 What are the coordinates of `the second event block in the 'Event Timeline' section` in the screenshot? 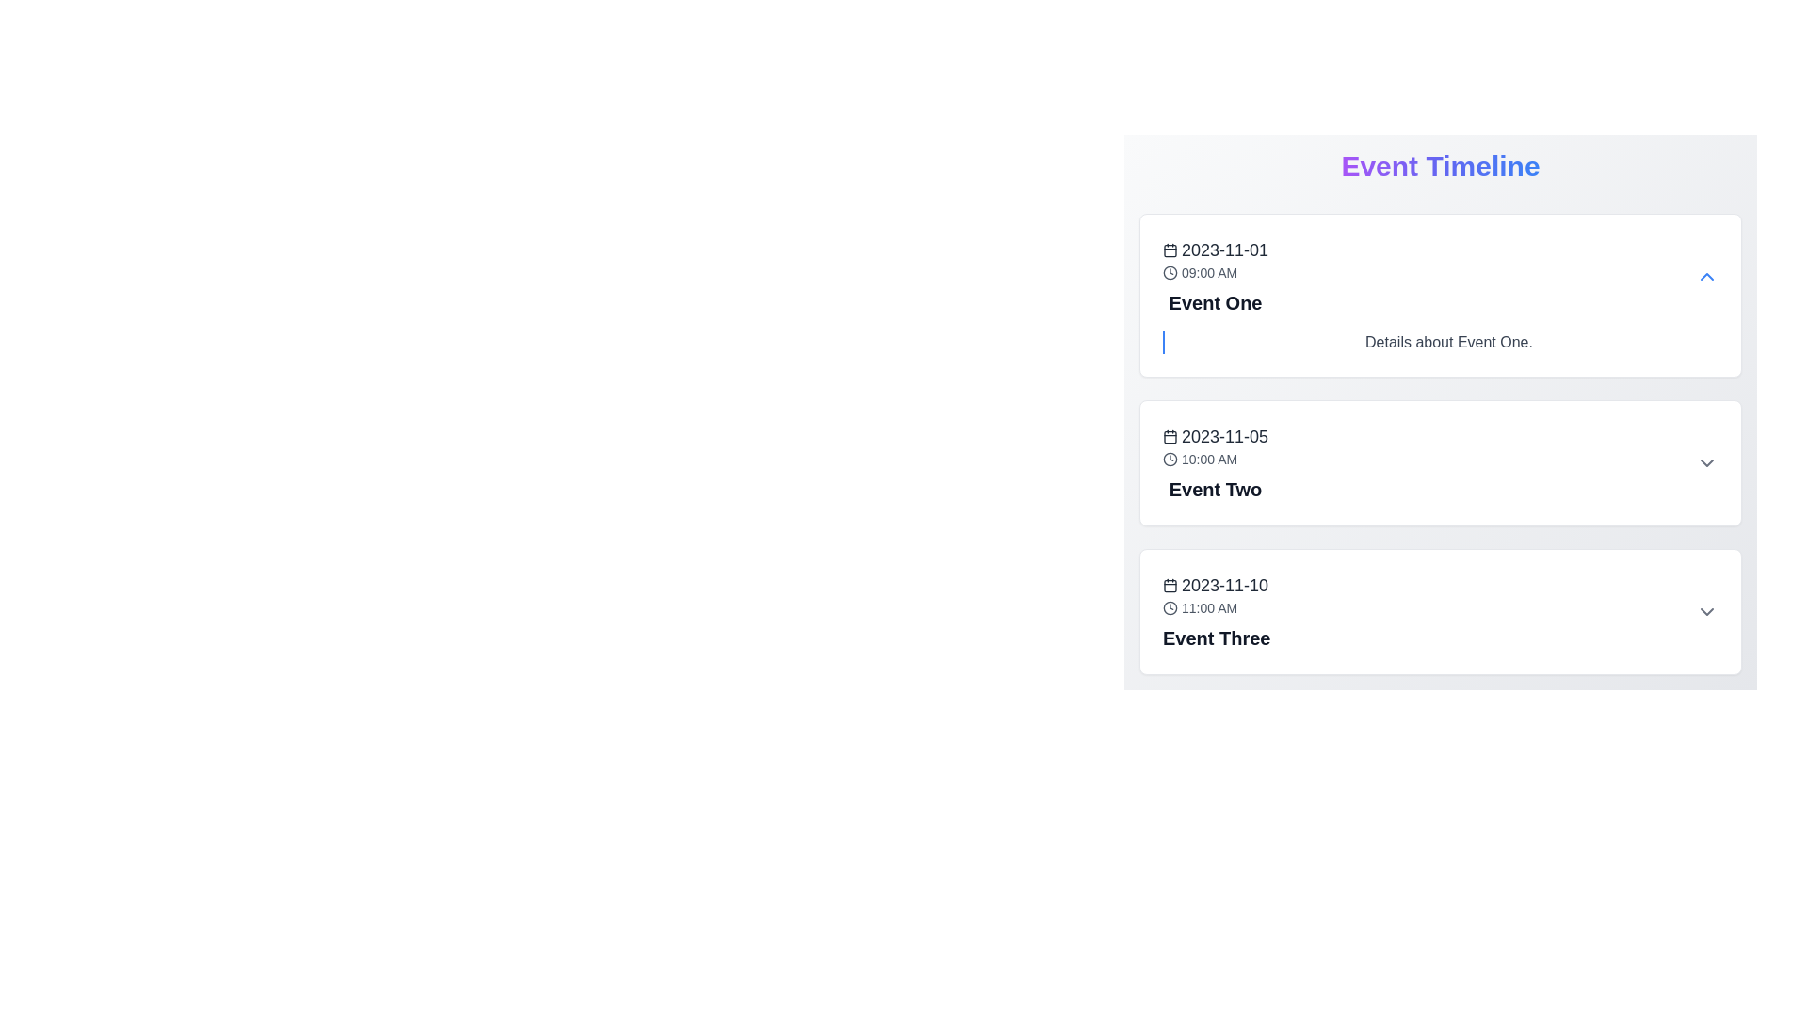 It's located at (1440, 444).